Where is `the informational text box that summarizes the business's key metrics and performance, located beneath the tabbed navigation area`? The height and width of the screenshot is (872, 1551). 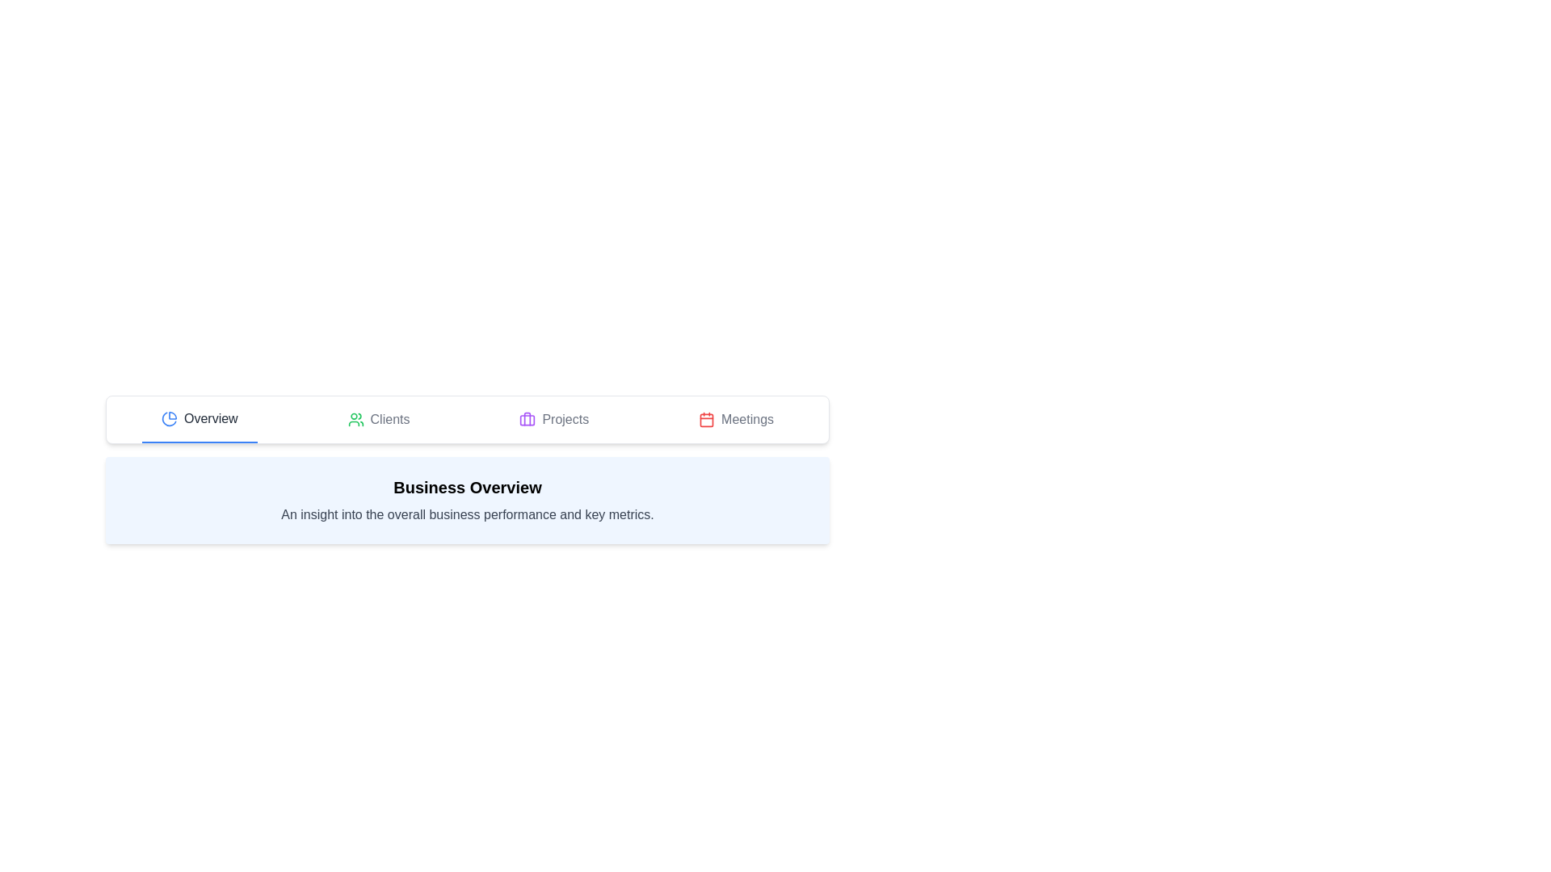
the informational text box that summarizes the business's key metrics and performance, located beneath the tabbed navigation area is located at coordinates (467, 500).